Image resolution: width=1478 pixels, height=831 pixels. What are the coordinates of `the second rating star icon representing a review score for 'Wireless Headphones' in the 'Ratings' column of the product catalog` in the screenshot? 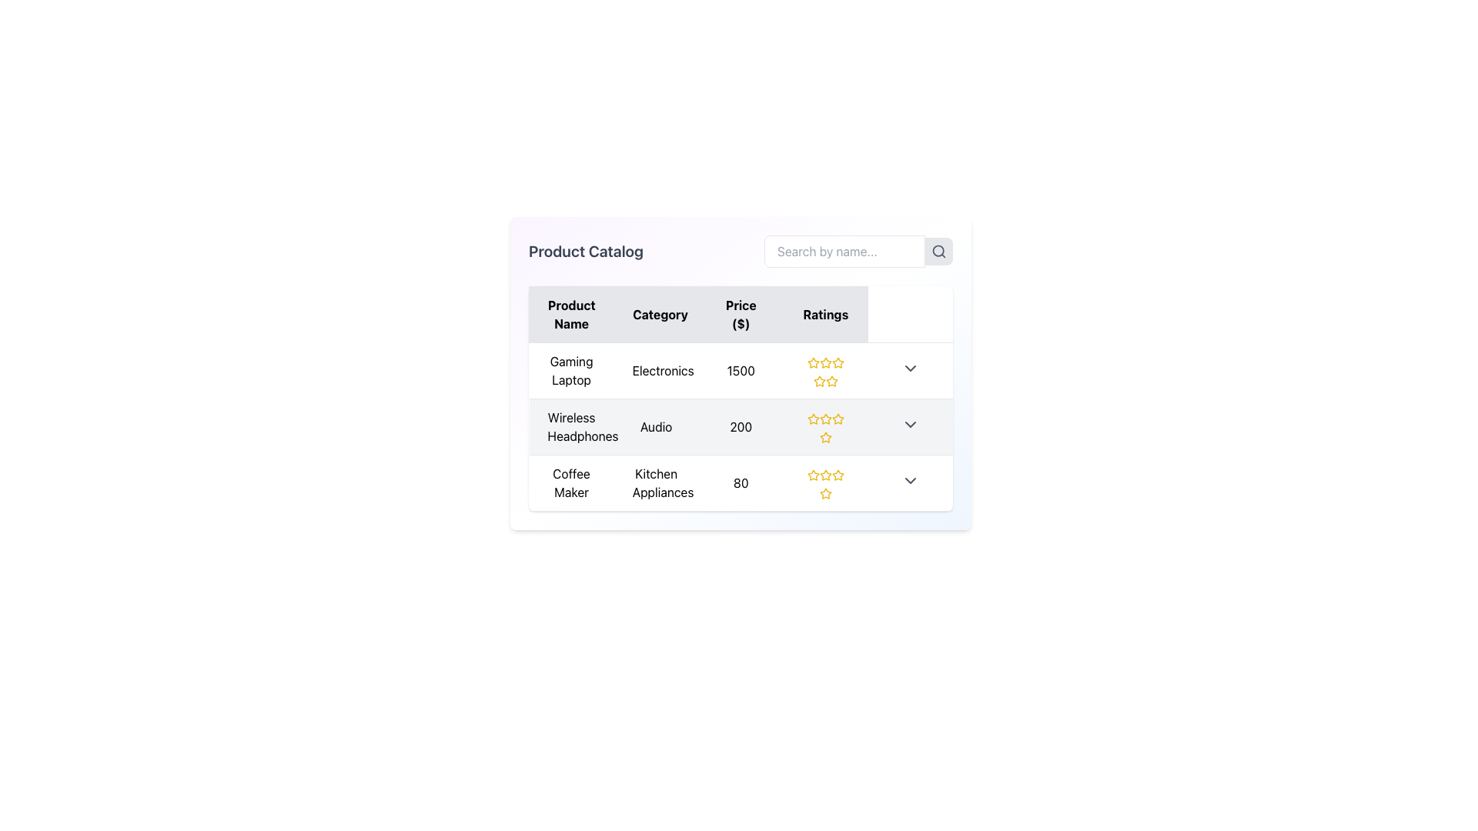 It's located at (837, 419).